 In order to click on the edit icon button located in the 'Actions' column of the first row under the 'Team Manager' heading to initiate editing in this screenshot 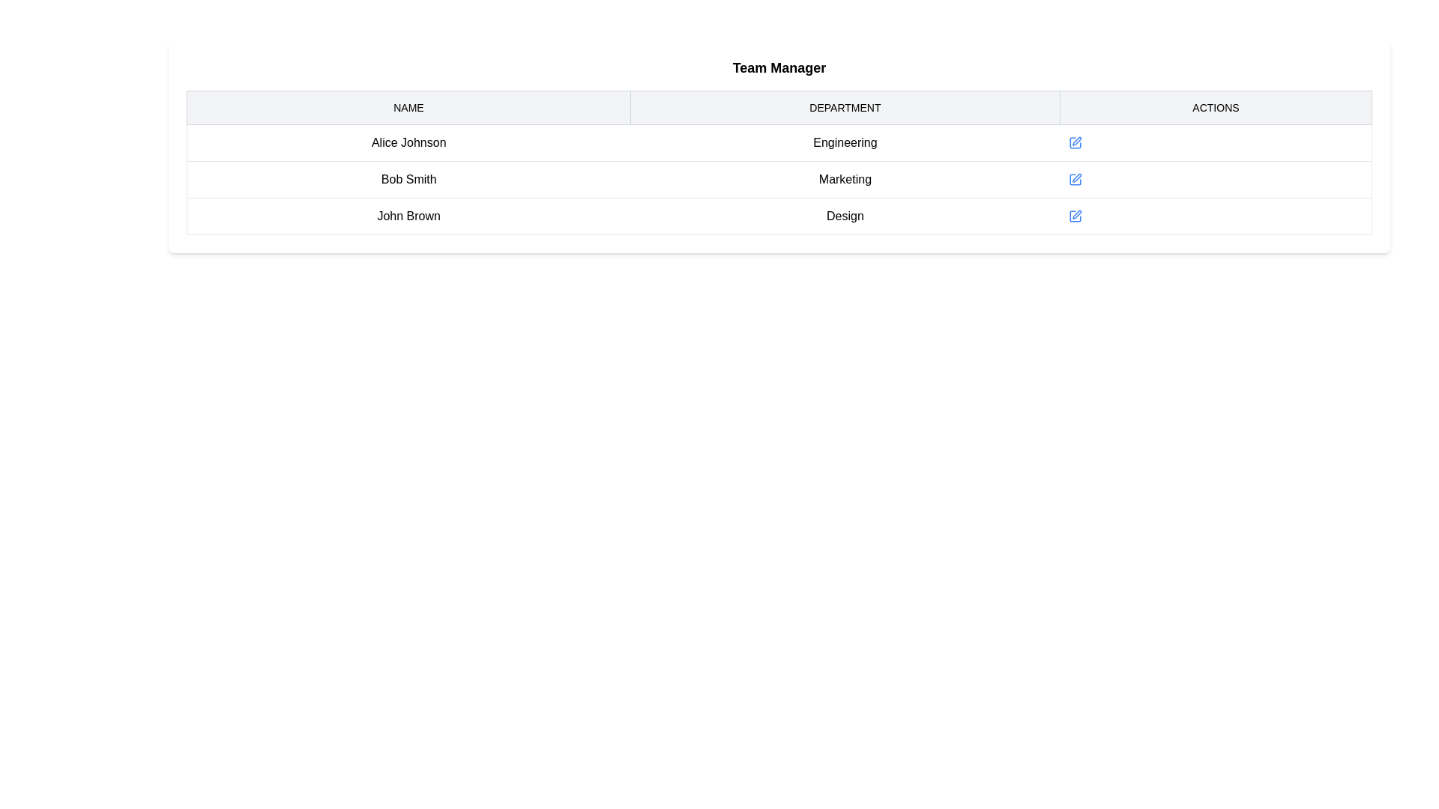, I will do `click(1076, 141)`.